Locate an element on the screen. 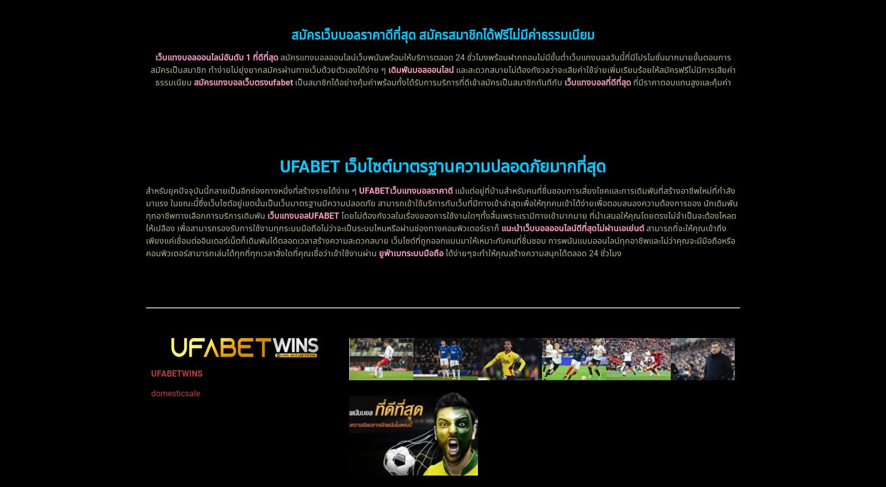  'ได้ง่ายๆจะทำให้คุณสร้างความสนุกได้ตลอด 24 ชั่วโมง' is located at coordinates (532, 253).